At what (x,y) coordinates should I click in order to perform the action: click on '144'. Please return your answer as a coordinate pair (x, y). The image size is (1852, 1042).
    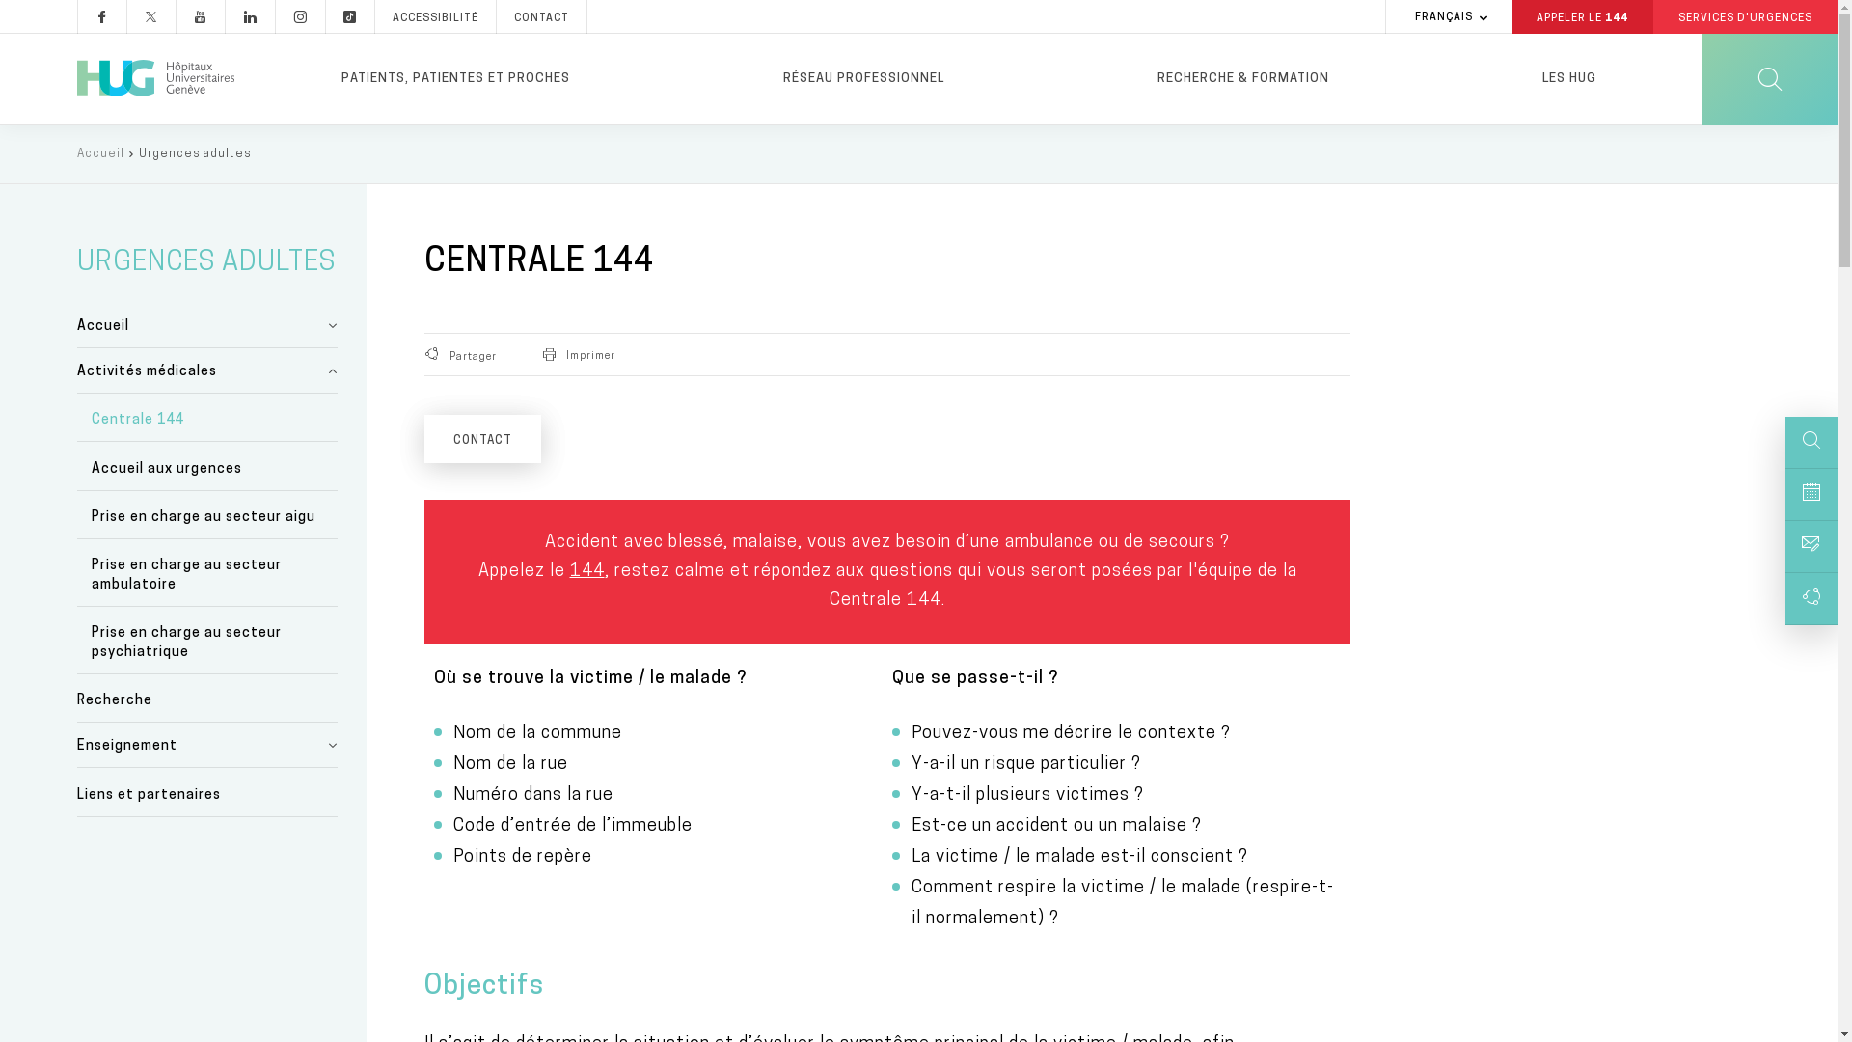
    Looking at the image, I should click on (586, 570).